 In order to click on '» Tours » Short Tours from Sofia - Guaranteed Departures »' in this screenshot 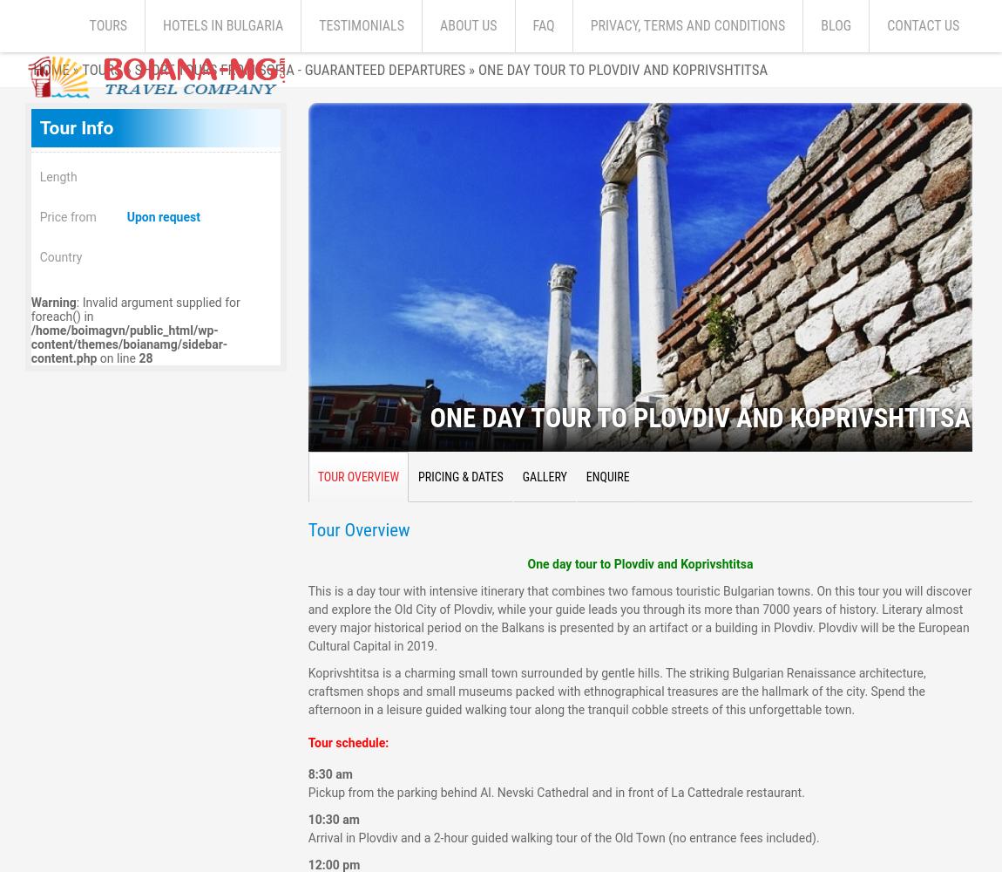, I will do `click(273, 69)`.